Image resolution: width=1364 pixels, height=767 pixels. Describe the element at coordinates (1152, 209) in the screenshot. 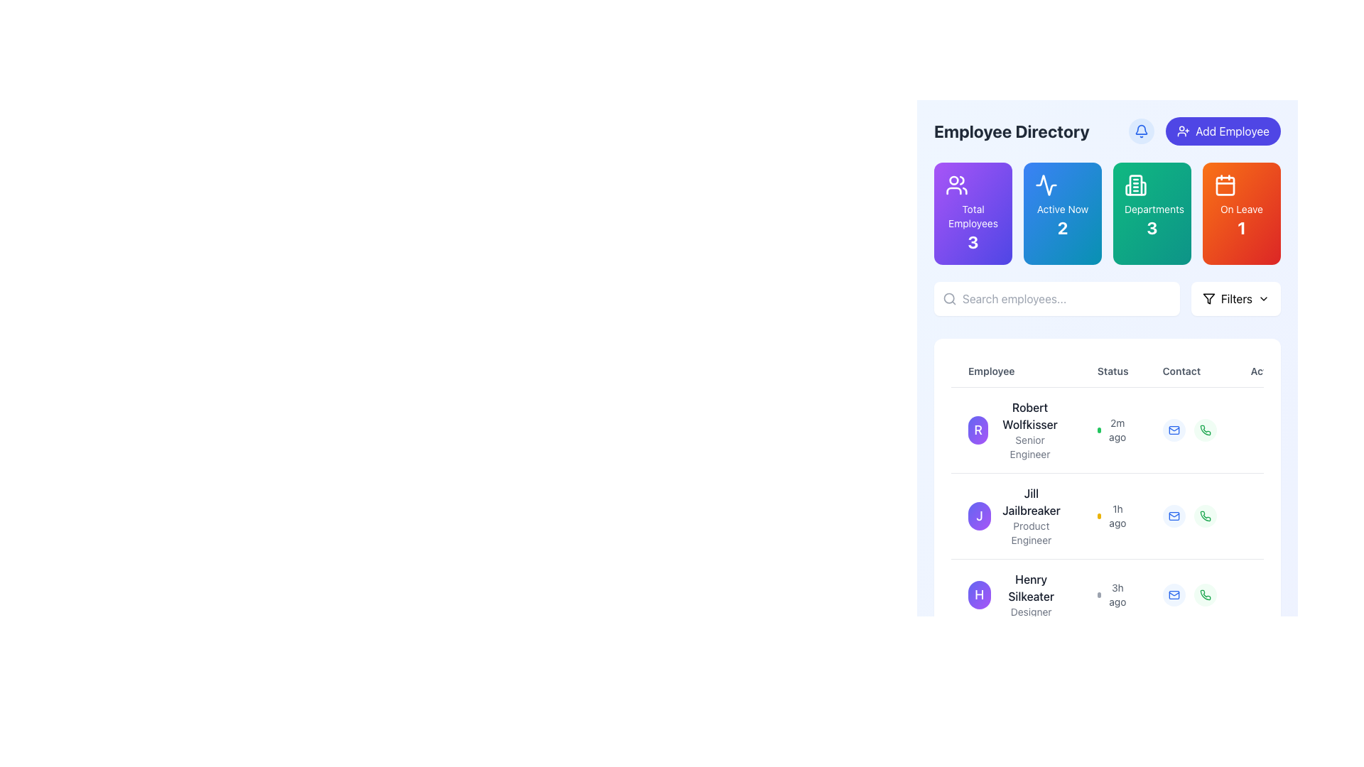

I see `the Text label indicating the number of departments, located within a green gradient rectangular section, beneath a building icon and above the number '3'` at that location.